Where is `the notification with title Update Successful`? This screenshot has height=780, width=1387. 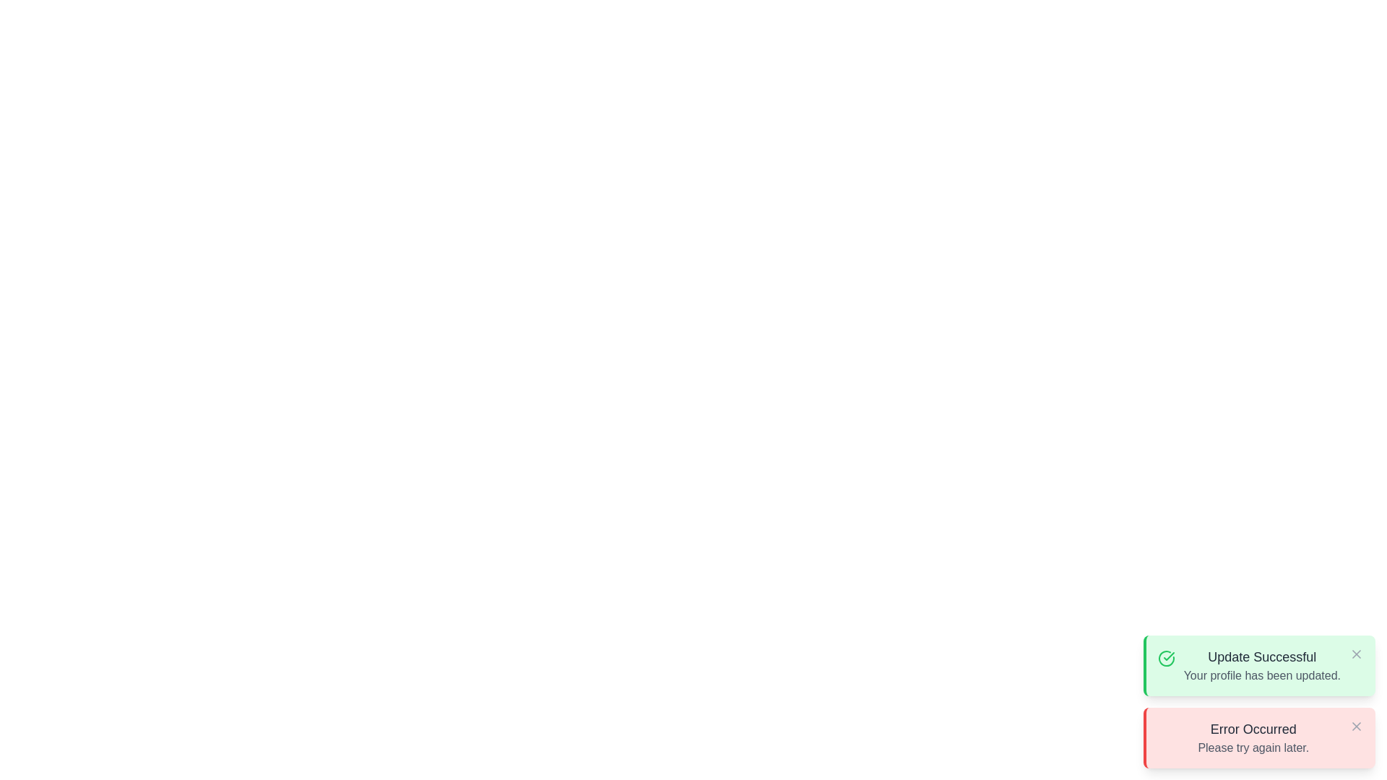 the notification with title Update Successful is located at coordinates (1258, 665).